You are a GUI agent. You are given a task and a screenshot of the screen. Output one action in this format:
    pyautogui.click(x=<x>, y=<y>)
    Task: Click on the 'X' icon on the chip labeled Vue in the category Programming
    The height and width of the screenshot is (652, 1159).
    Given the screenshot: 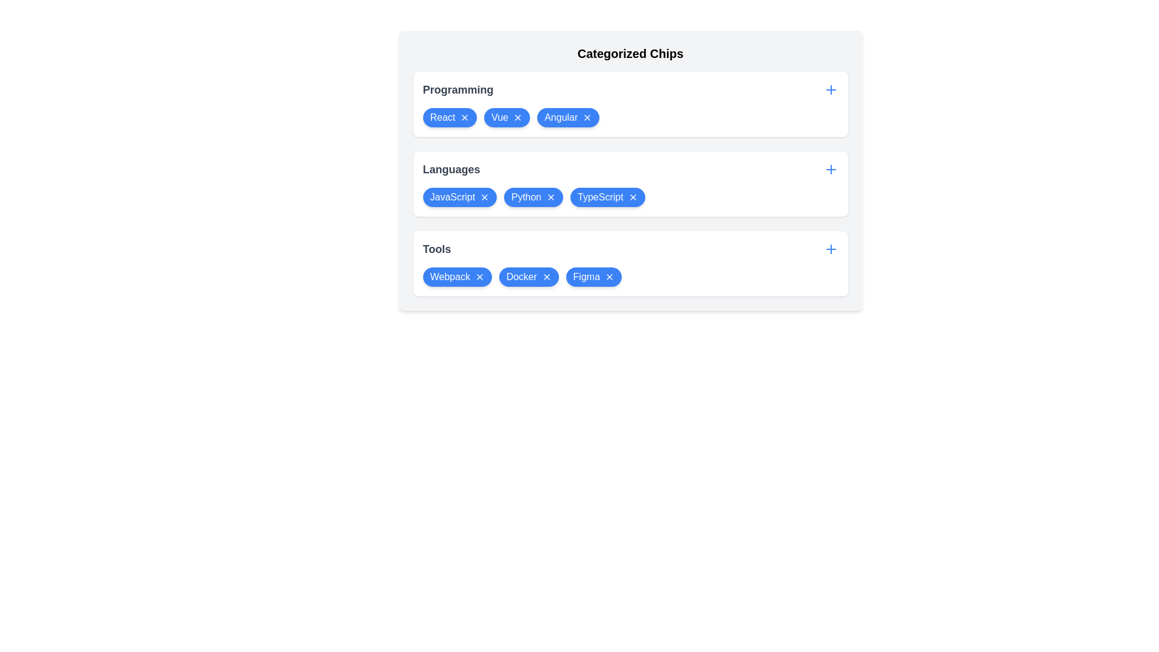 What is the action you would take?
    pyautogui.click(x=518, y=118)
    